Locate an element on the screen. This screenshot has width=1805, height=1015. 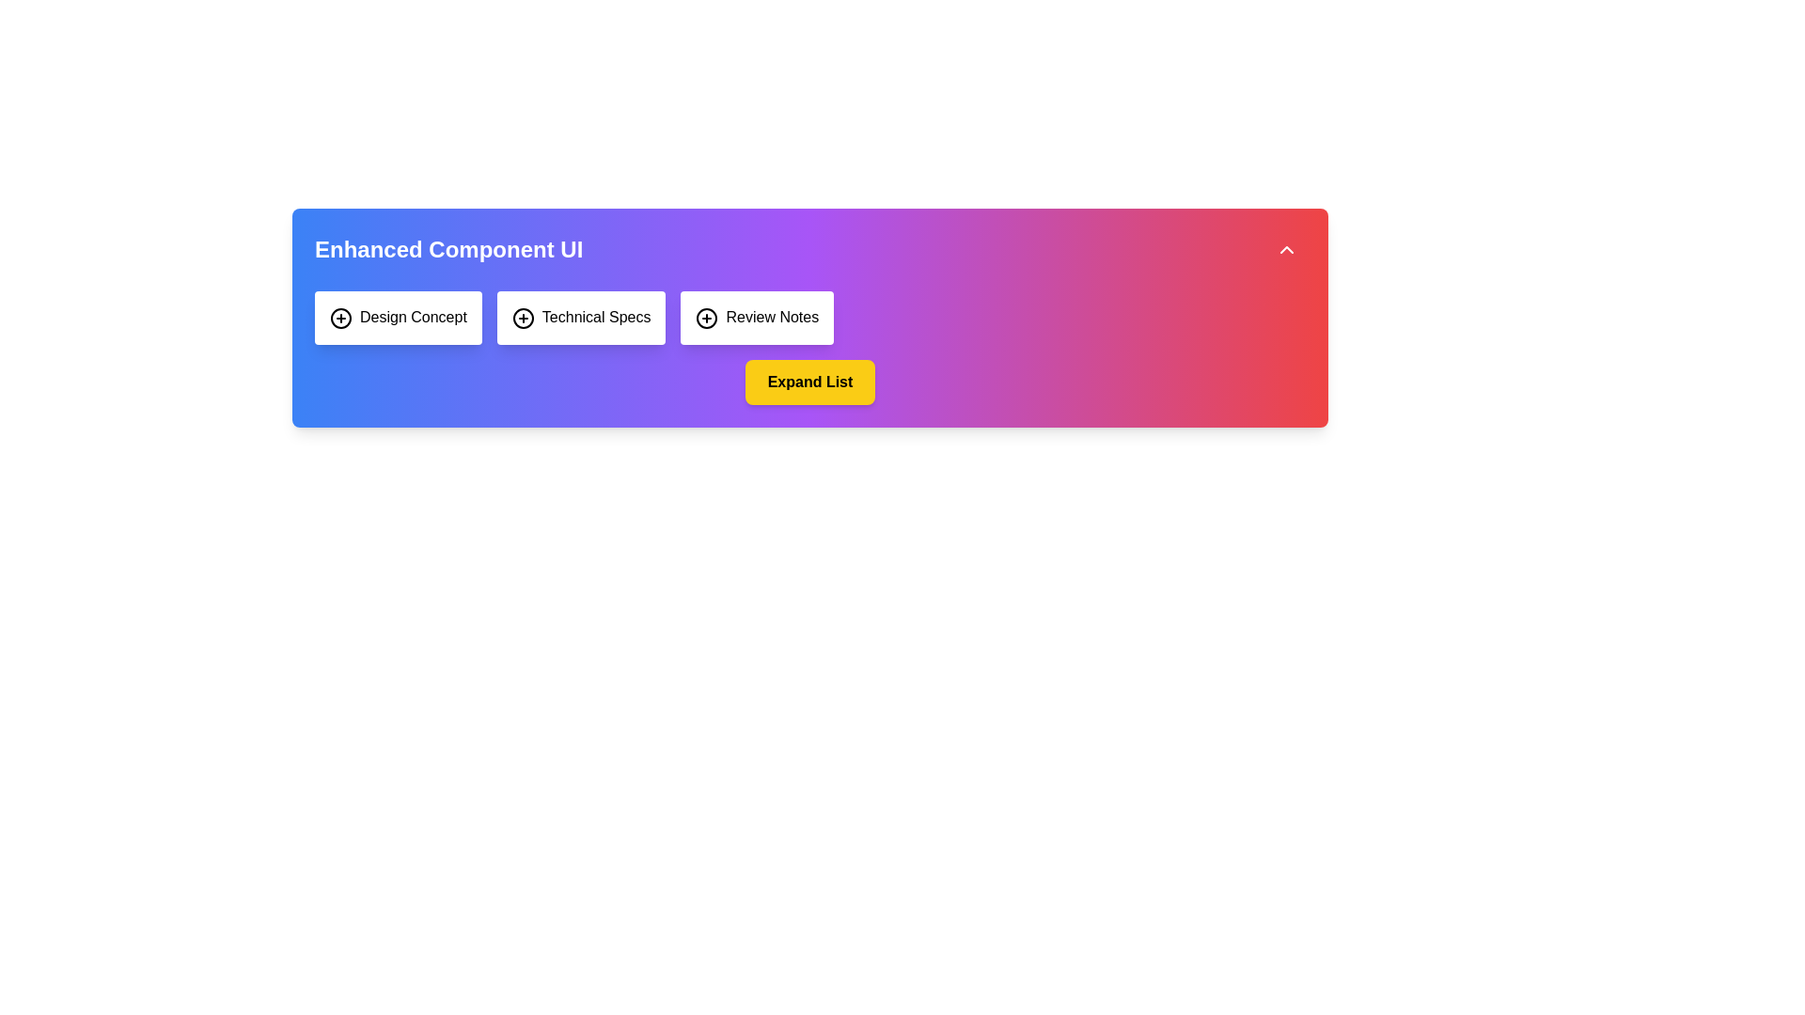
the button with a yellow background and bold black text reading 'Expand List' is located at coordinates (810, 381).